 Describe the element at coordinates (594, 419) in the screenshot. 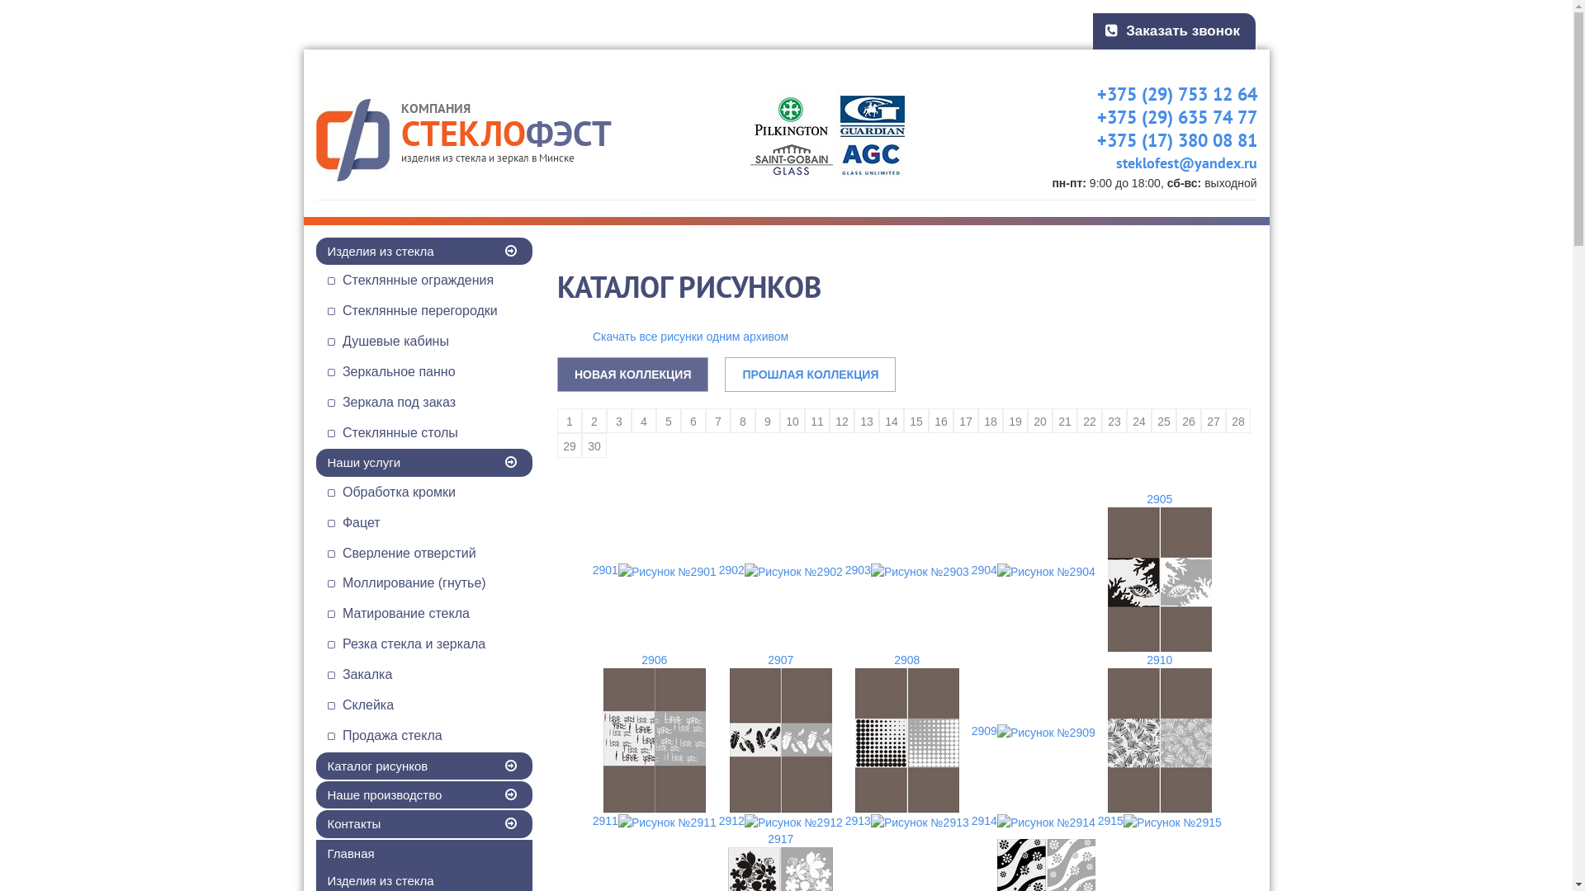

I see `'2'` at that location.